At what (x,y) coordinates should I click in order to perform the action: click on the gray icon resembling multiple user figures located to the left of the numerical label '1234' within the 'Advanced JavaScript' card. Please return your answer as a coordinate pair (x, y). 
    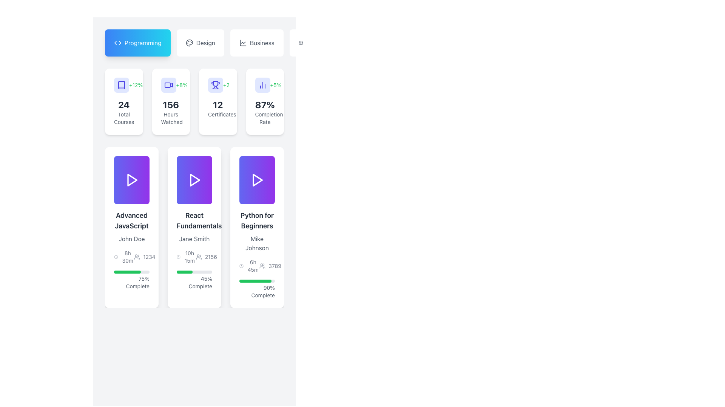
    Looking at the image, I should click on (137, 257).